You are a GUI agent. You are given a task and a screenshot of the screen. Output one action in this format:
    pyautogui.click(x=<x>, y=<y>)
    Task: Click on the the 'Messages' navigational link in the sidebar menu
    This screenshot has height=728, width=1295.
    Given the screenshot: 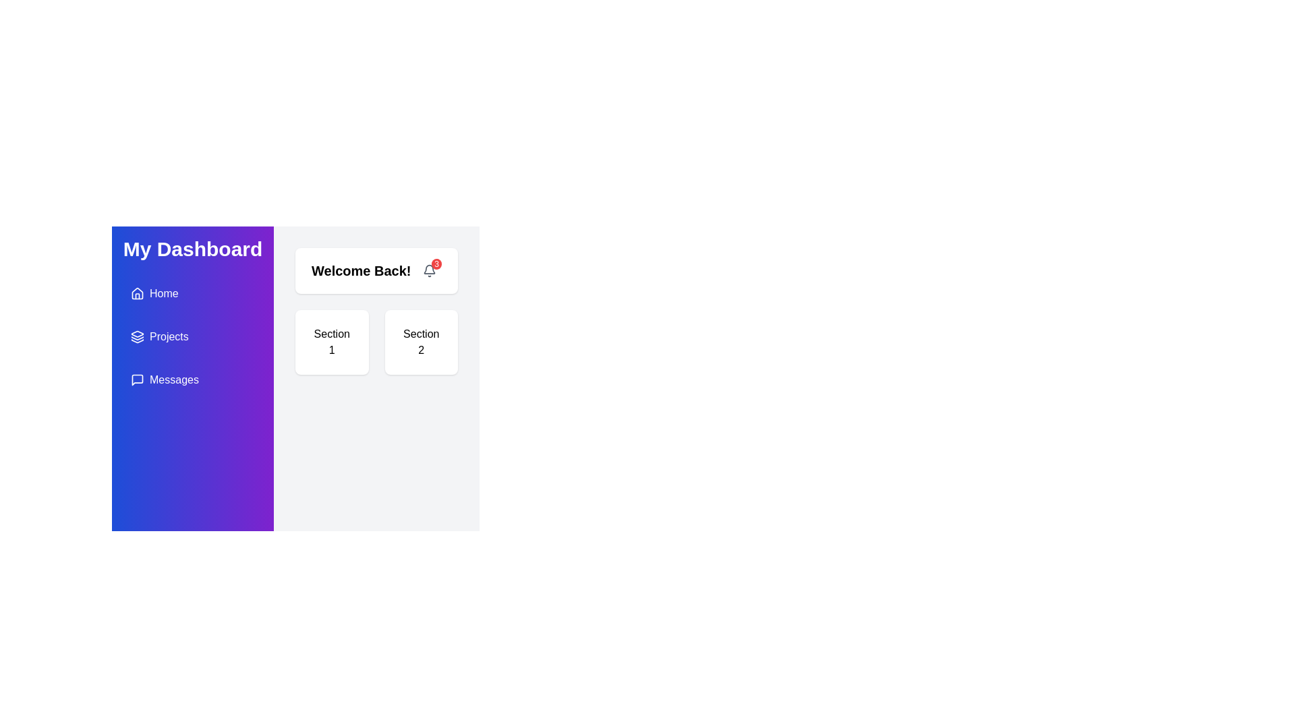 What is the action you would take?
    pyautogui.click(x=192, y=380)
    